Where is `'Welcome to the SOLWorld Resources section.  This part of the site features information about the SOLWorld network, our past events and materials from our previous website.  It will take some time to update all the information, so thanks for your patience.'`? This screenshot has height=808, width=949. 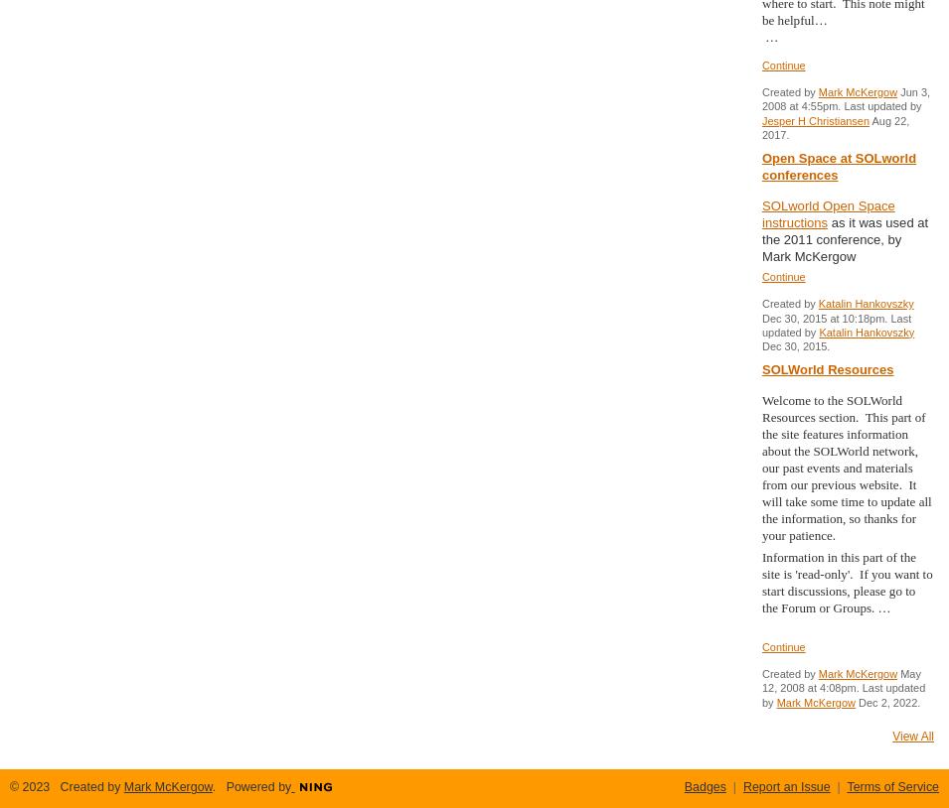 'Welcome to the SOLWorld Resources section.  This part of the site features information about the SOLWorld network, our past events and materials from our previous website.  It will take some time to update all the information, so thanks for your patience.' is located at coordinates (846, 466).